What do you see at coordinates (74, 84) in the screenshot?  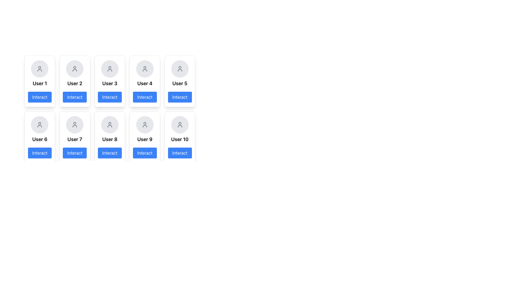 I see `the static text label that displays the user's name or identifier, positioned below the user icon and above the 'Interact' button in the second card of the top row in the user card grid` at bounding box center [74, 84].